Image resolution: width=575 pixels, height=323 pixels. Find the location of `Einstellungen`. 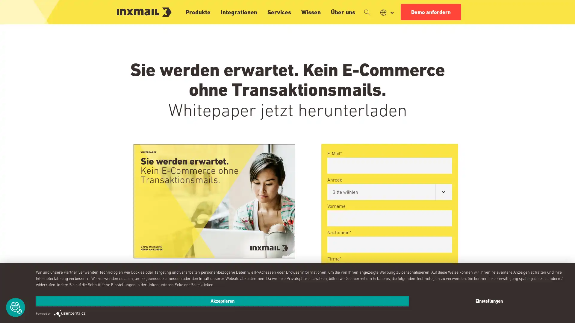

Einstellungen is located at coordinates (489, 301).